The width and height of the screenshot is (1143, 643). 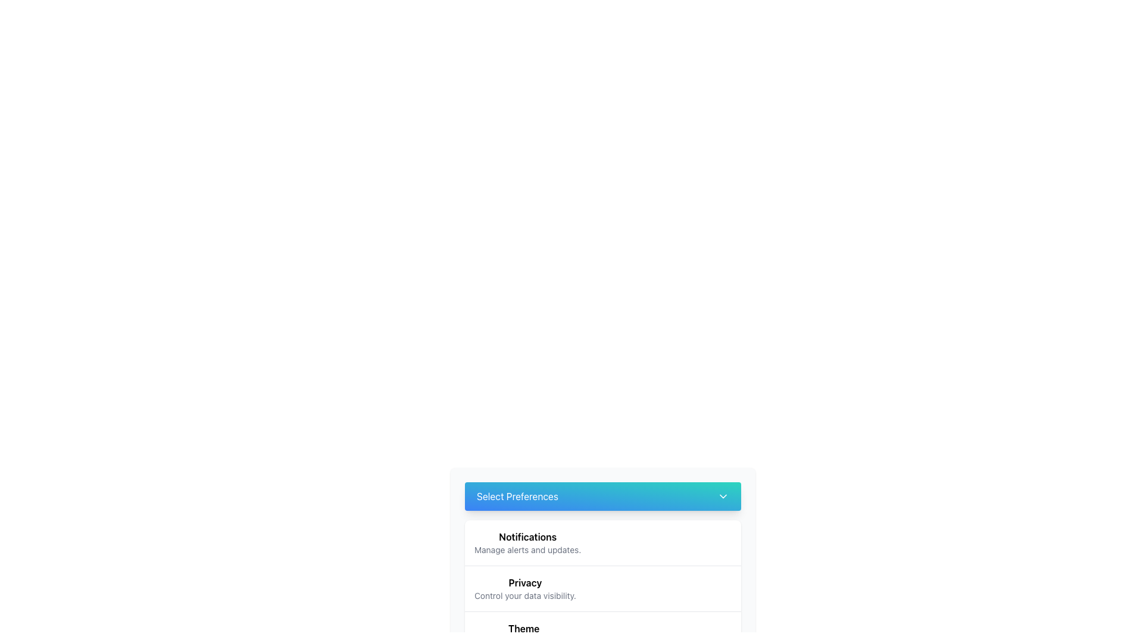 I want to click on the 'Notifications' text label, which is styled in bold and prominently positioned at the top of its section, beneath the blue header 'Select Preferences.', so click(x=527, y=537).